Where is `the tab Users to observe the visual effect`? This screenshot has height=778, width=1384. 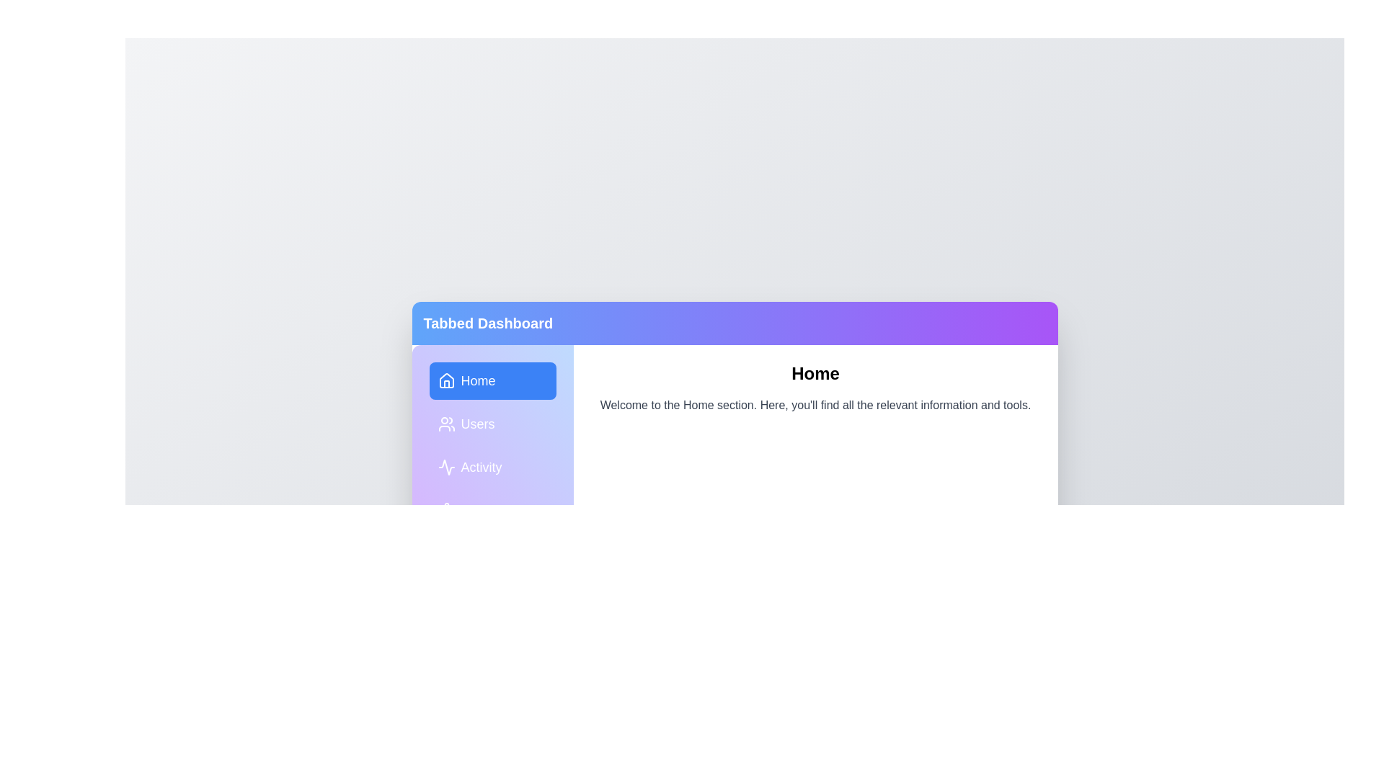 the tab Users to observe the visual effect is located at coordinates (492, 424).